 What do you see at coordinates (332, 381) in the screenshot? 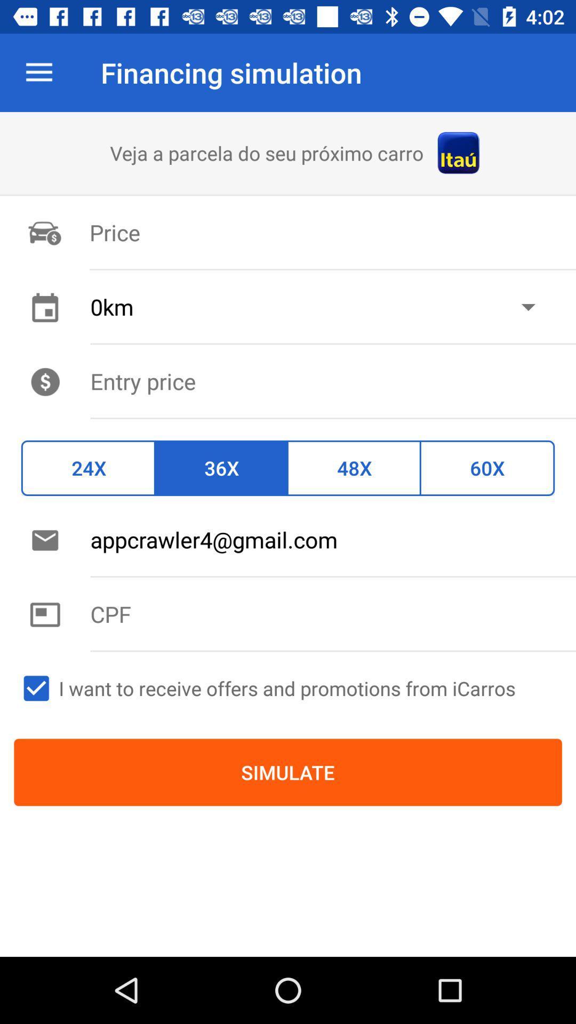
I see `set entry price` at bounding box center [332, 381].